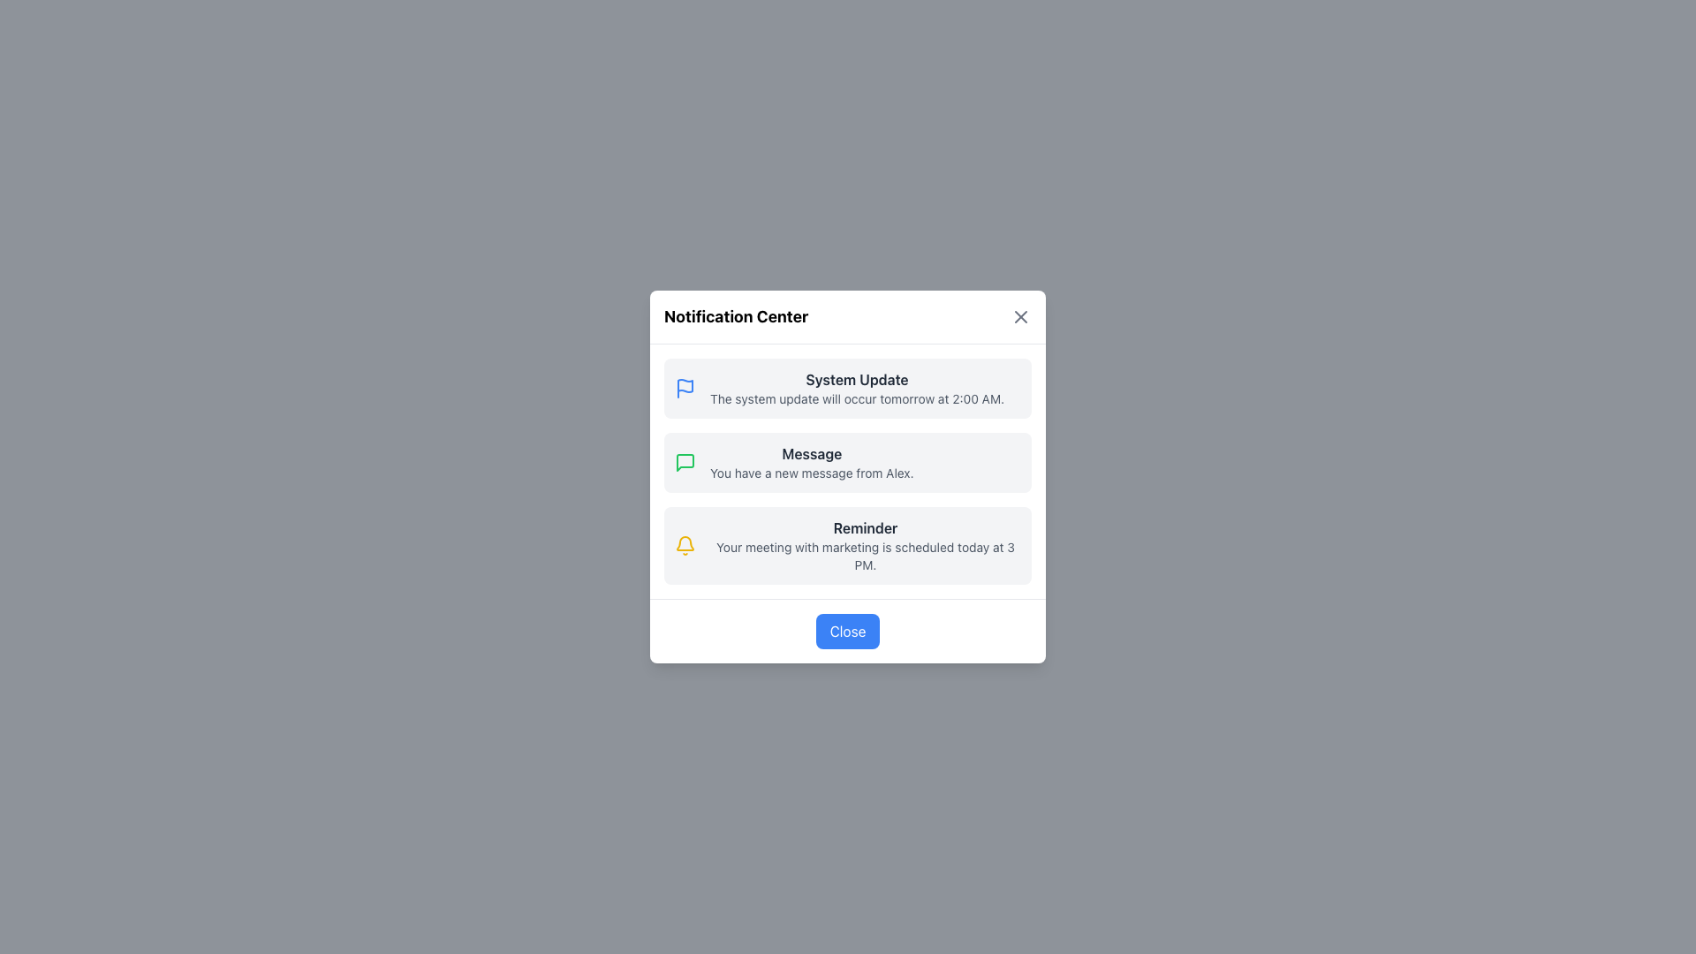 This screenshot has width=1696, height=954. What do you see at coordinates (848, 470) in the screenshot?
I see `the vertically stacked list of notification items in the notification dialog box` at bounding box center [848, 470].